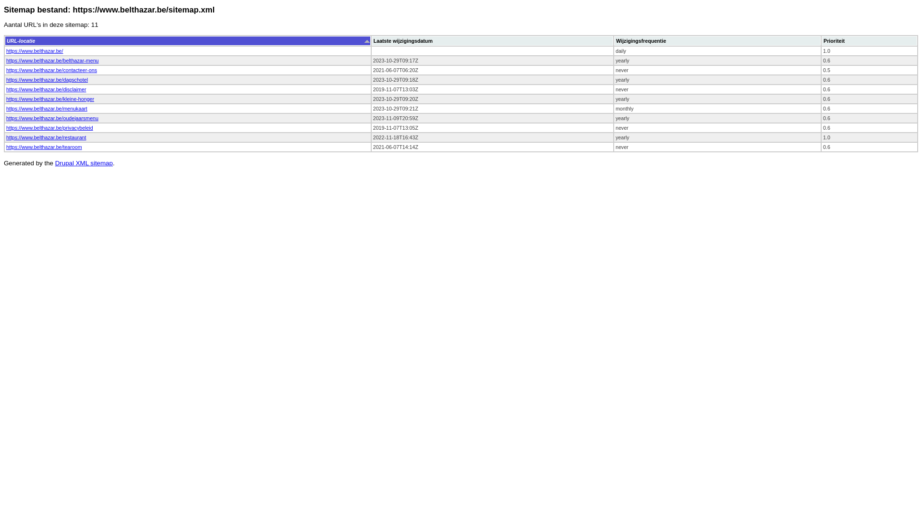  What do you see at coordinates (52, 118) in the screenshot?
I see `'https://www.belthazar.be/oudejaarsmenu'` at bounding box center [52, 118].